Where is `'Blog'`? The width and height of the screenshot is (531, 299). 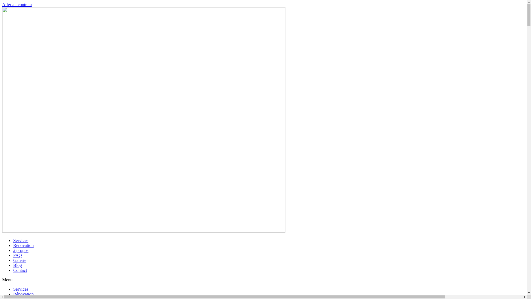
'Blog' is located at coordinates (13, 265).